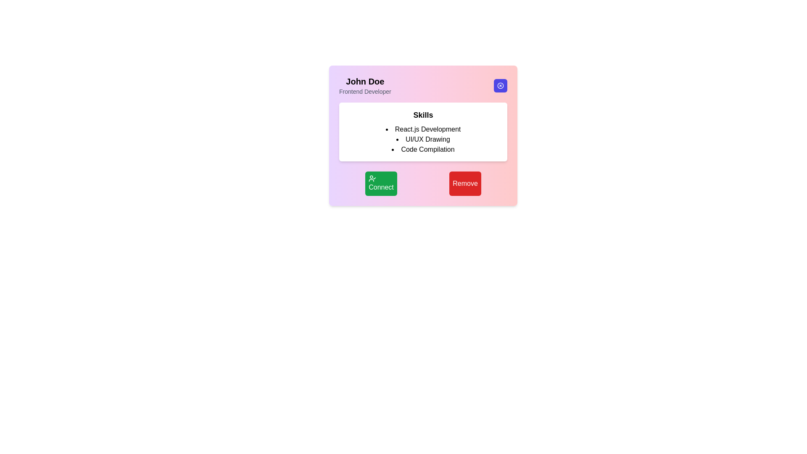 Image resolution: width=807 pixels, height=454 pixels. I want to click on the red button with rounded corners labeled 'Remove', so click(465, 183).